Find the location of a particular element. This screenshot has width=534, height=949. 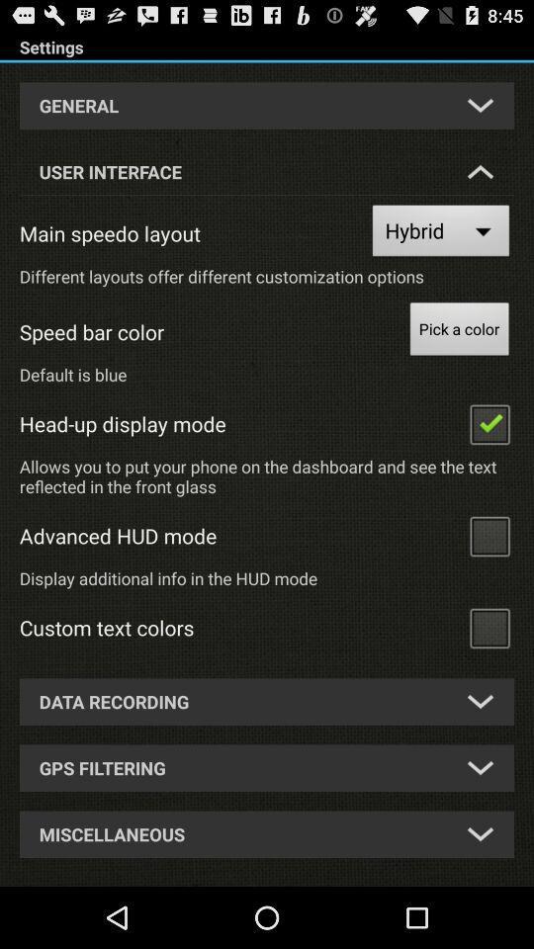

more info is located at coordinates (489, 535).